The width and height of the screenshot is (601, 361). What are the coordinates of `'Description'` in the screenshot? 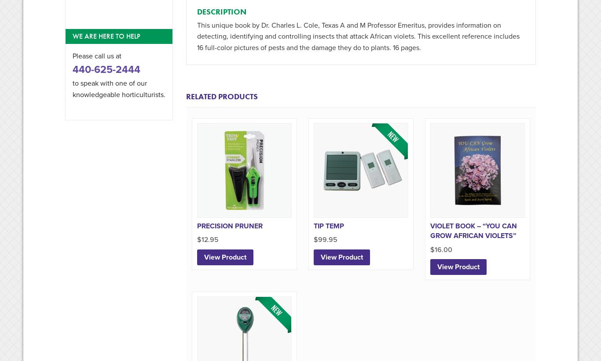 It's located at (222, 11).